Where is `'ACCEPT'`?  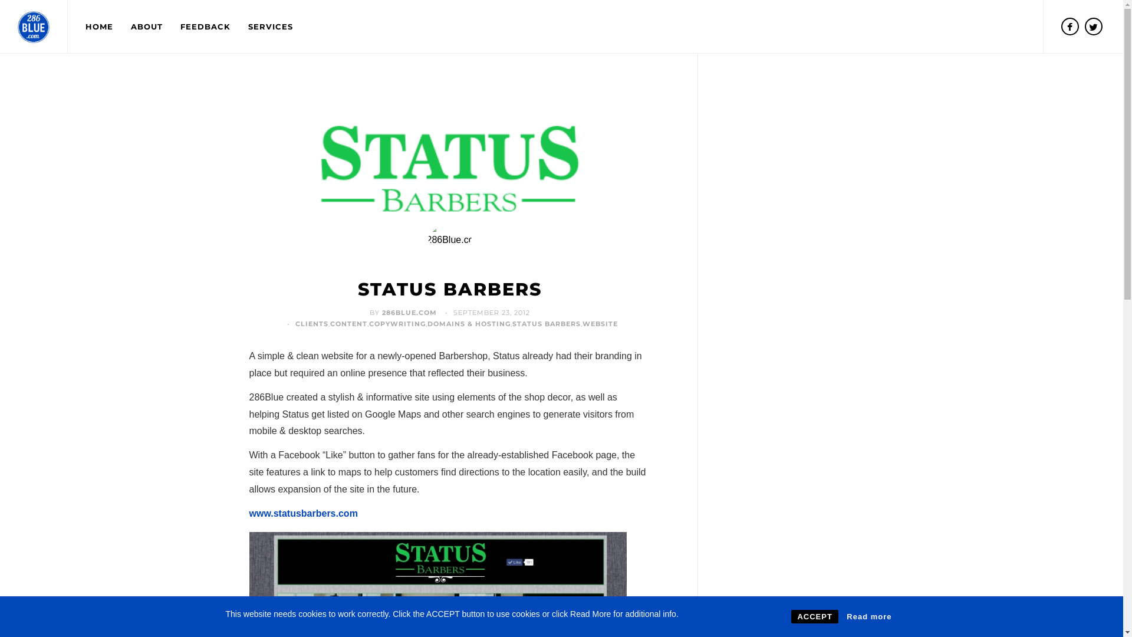
'ACCEPT' is located at coordinates (791, 616).